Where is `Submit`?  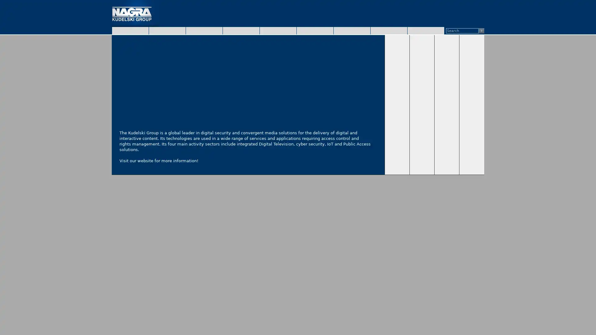
Submit is located at coordinates (481, 31).